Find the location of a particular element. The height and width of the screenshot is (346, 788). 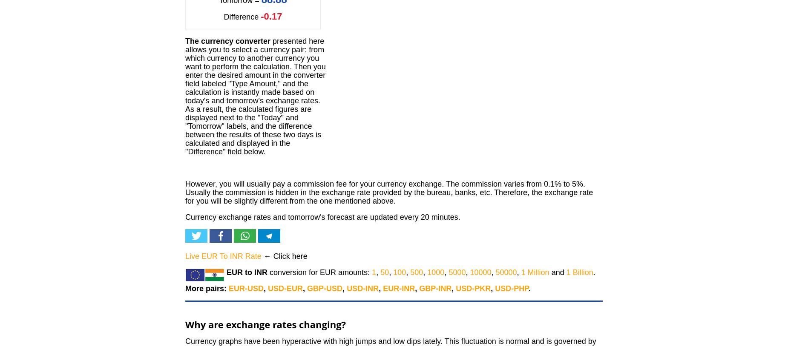

'← Click here' is located at coordinates (284, 256).